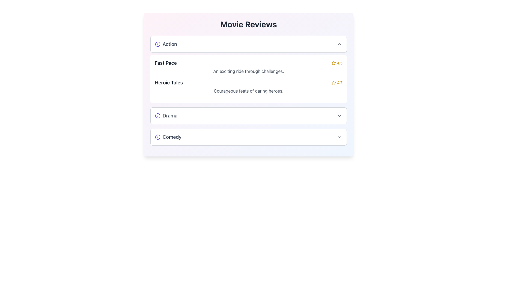 This screenshot has height=295, width=524. I want to click on the Information Display Section, so click(248, 67).